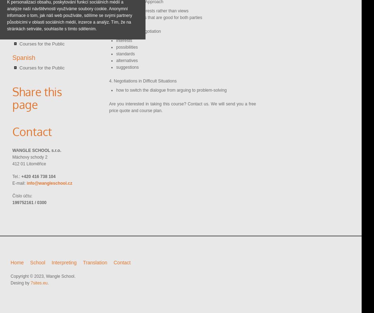  Describe the element at coordinates (116, 54) in the screenshot. I see `'standards'` at that location.